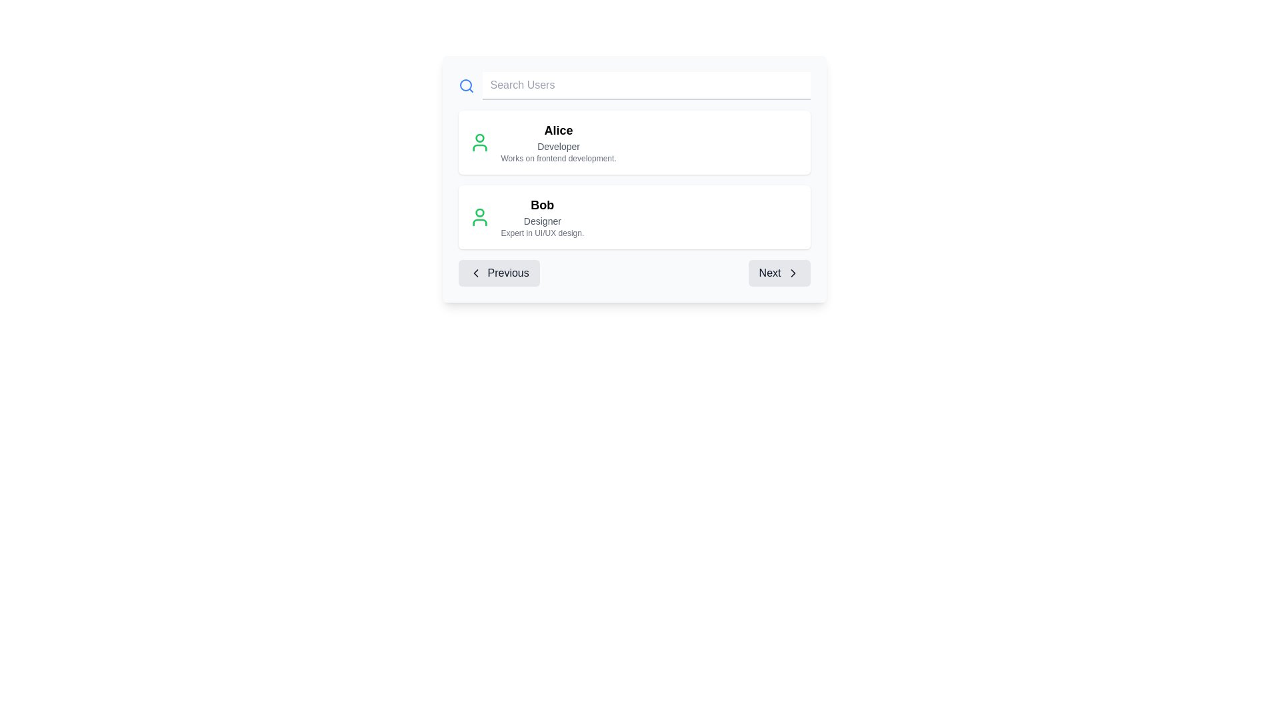 The image size is (1280, 720). Describe the element at coordinates (479, 148) in the screenshot. I see `bottom segment of the user icon for 'Alice' in the search result panel using developer tools` at that location.